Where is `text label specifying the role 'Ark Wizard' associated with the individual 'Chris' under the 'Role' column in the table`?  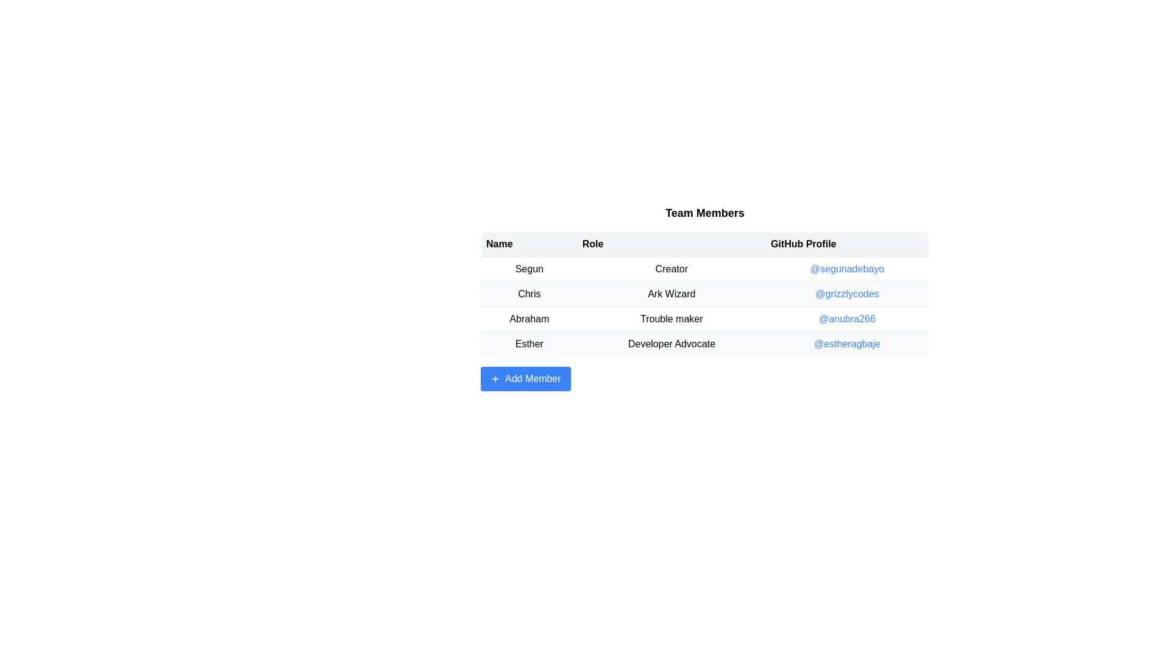
text label specifying the role 'Ark Wizard' associated with the individual 'Chris' under the 'Role' column in the table is located at coordinates (671, 294).